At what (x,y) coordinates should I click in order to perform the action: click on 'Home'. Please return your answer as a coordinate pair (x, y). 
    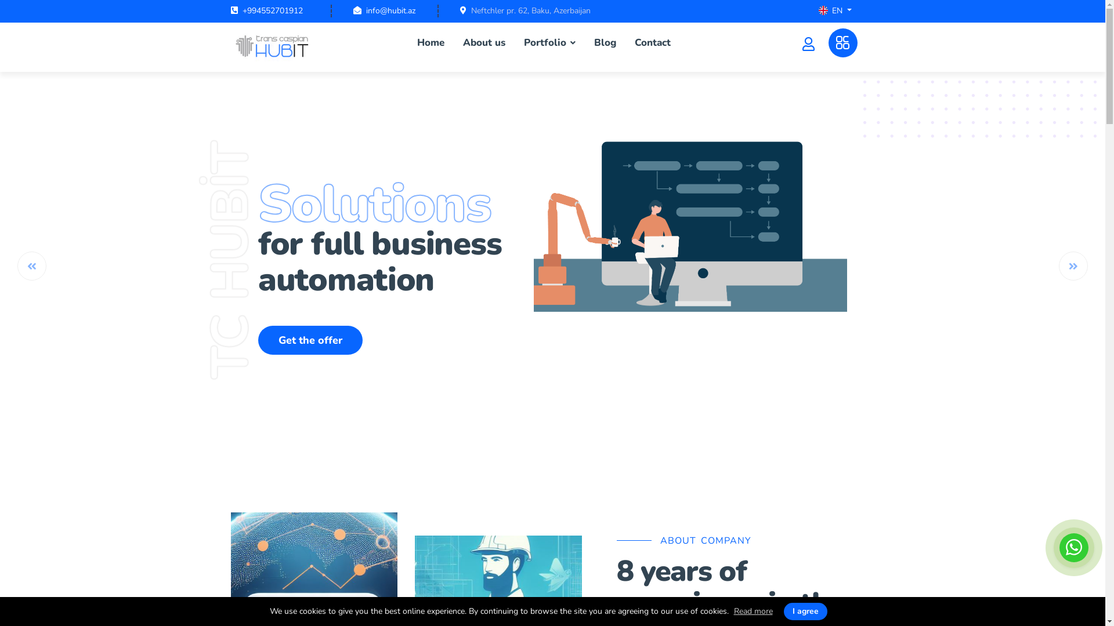
    Looking at the image, I should click on (407, 42).